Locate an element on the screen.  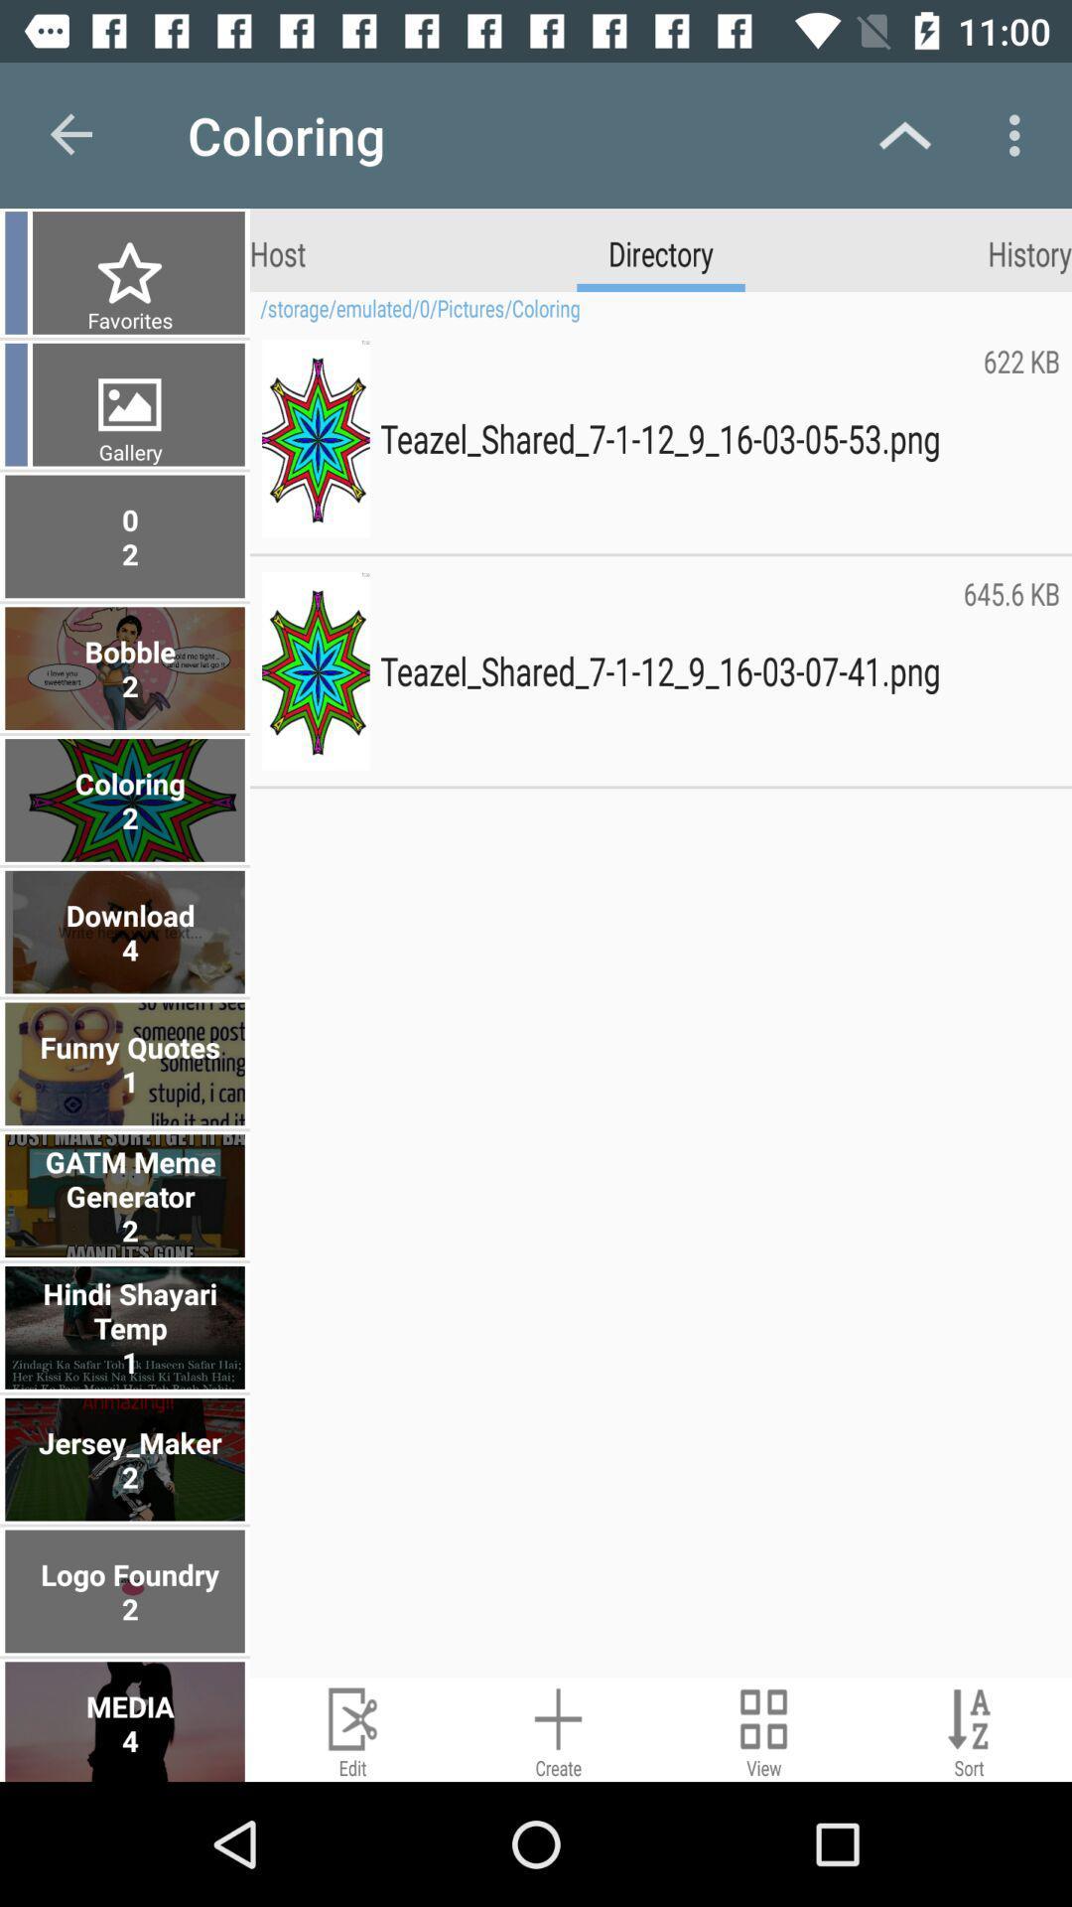
the item below the storage emulated 0 is located at coordinates (1021, 437).